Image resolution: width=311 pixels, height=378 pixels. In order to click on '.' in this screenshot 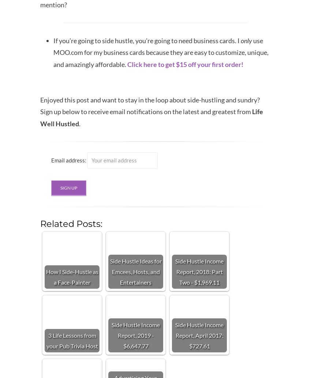, I will do `click(80, 123)`.